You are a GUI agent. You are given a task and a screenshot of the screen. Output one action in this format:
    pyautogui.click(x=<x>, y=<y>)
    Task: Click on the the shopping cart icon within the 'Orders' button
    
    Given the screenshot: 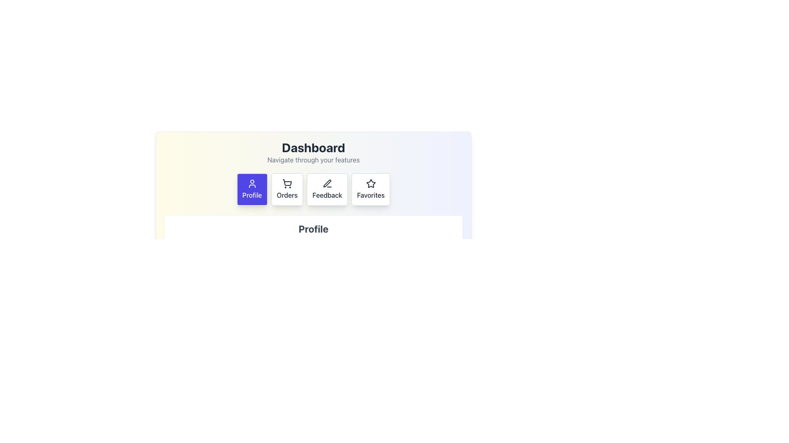 What is the action you would take?
    pyautogui.click(x=287, y=183)
    